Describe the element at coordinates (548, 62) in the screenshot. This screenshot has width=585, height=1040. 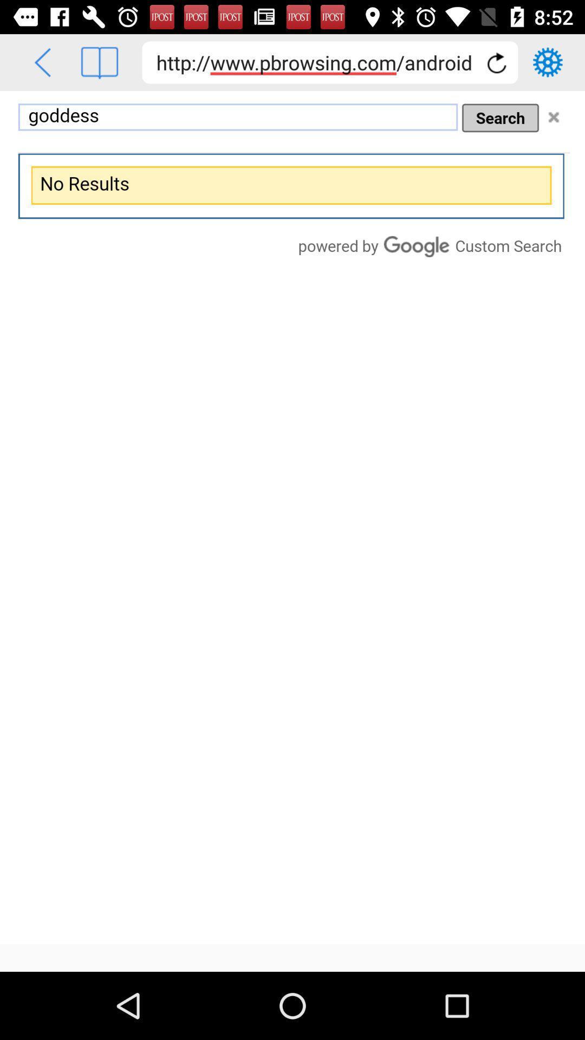
I see `the settings icon` at that location.